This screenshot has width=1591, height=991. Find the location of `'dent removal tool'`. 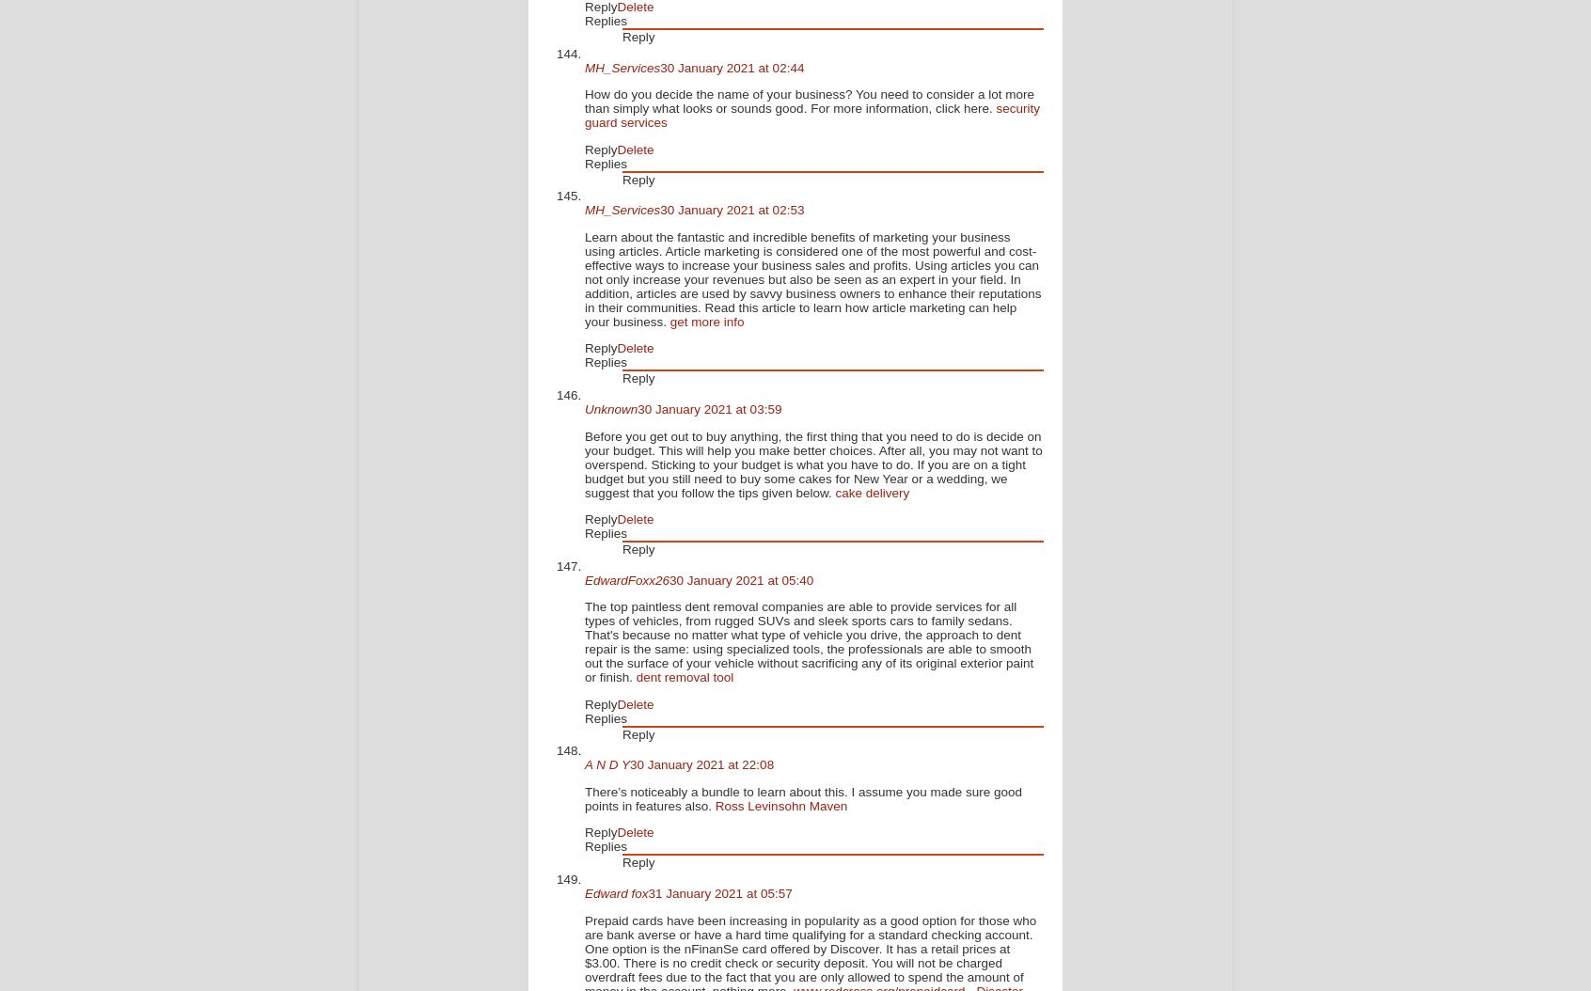

'dent removal tool' is located at coordinates (635, 676).